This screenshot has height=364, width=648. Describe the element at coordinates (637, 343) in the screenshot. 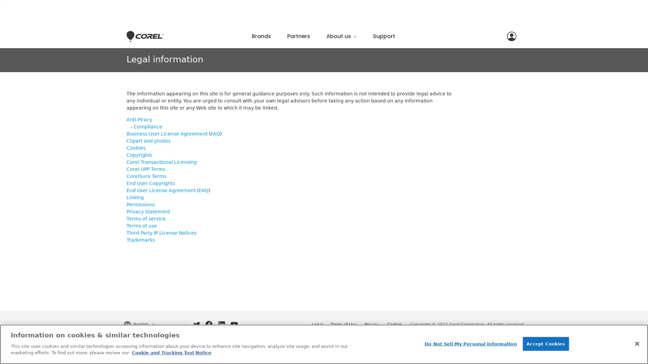

I see `Close` at that location.